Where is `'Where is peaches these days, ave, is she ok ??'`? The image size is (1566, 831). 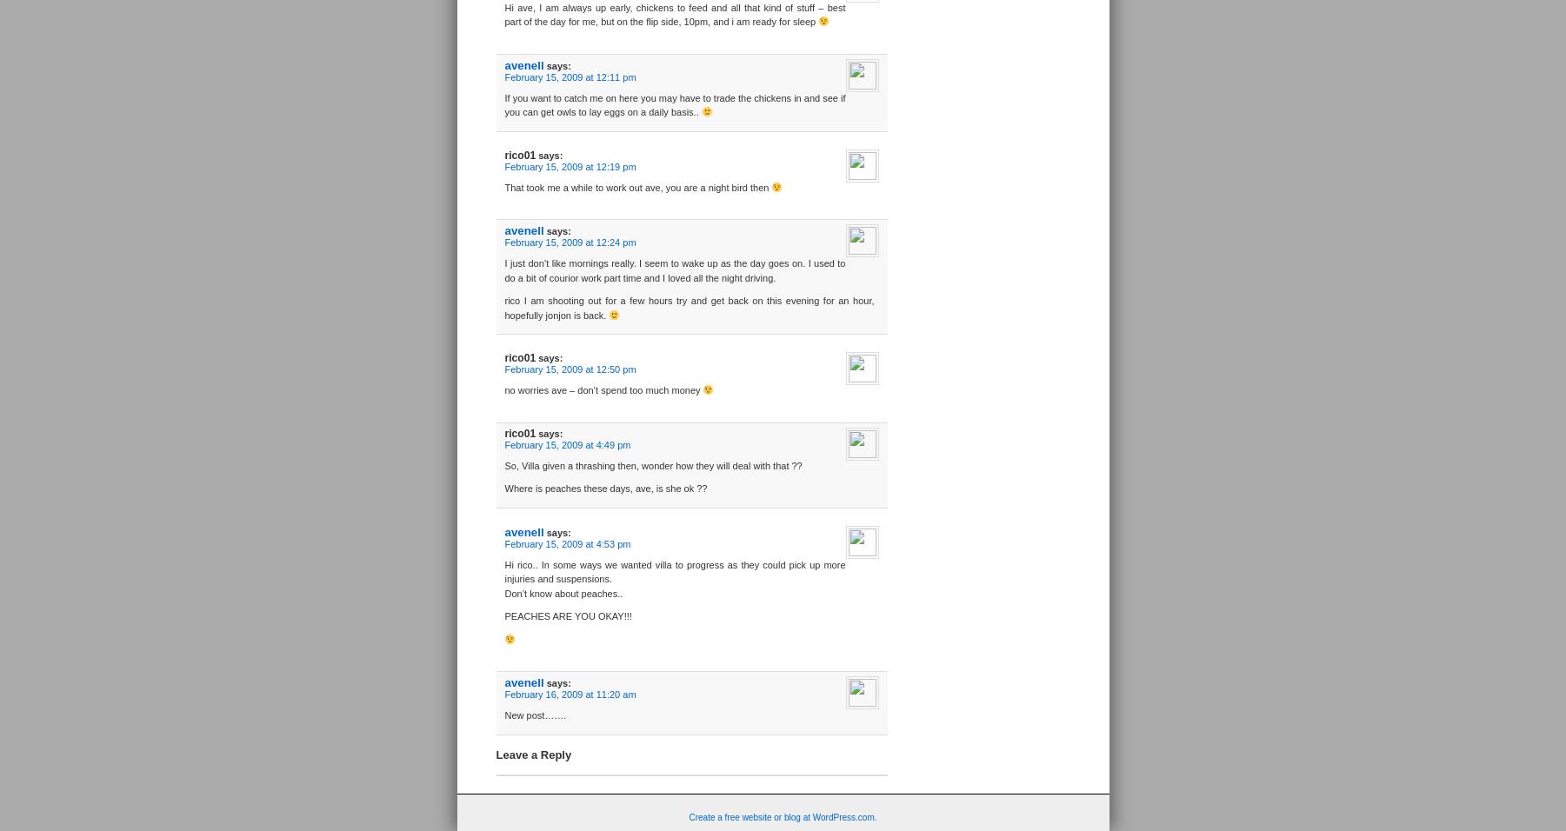 'Where is peaches these days, ave, is she ok ??' is located at coordinates (503, 488).